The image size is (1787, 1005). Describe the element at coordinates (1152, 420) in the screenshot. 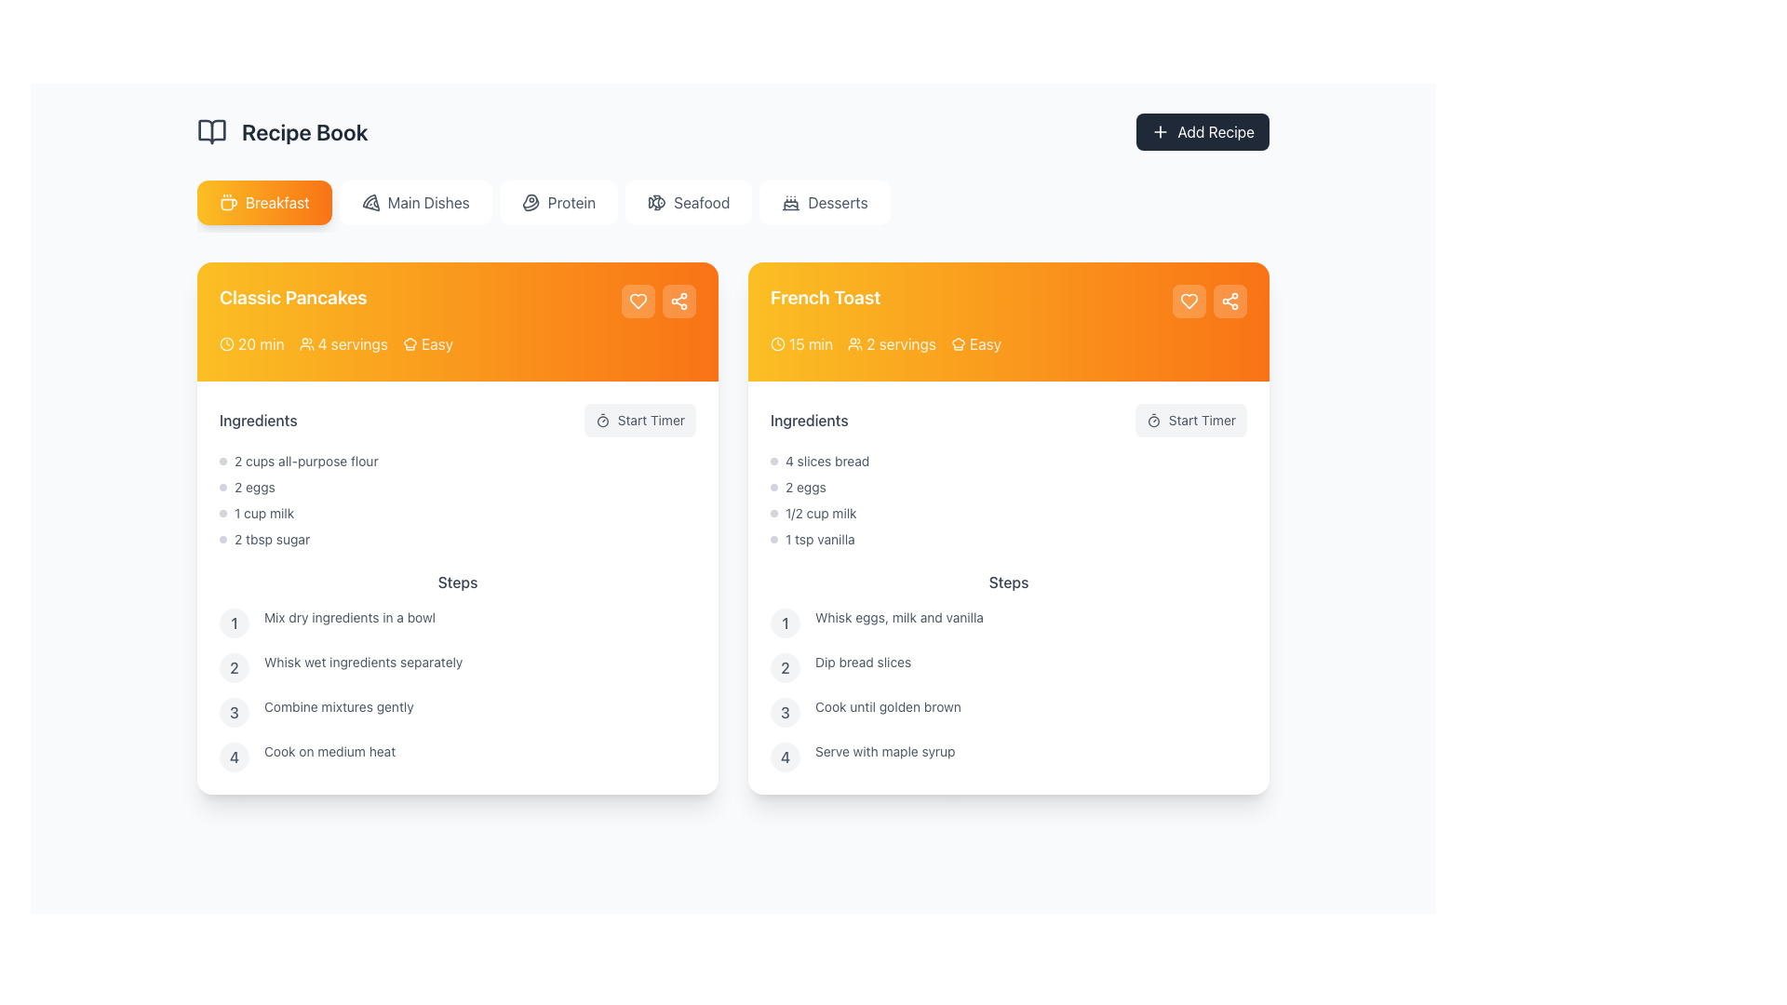

I see `the timer icon located to the left of the 'Start Timer' button within the 'French Toast' recipe card for visual context` at that location.